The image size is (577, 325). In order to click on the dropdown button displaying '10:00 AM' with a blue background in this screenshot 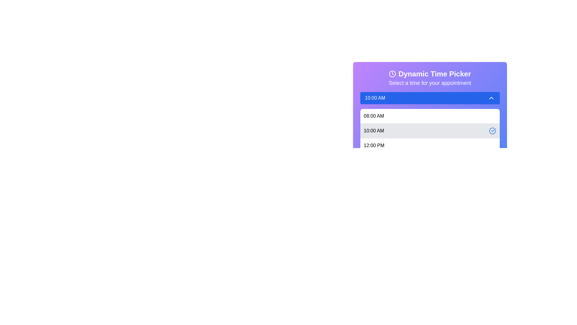, I will do `click(429, 98)`.